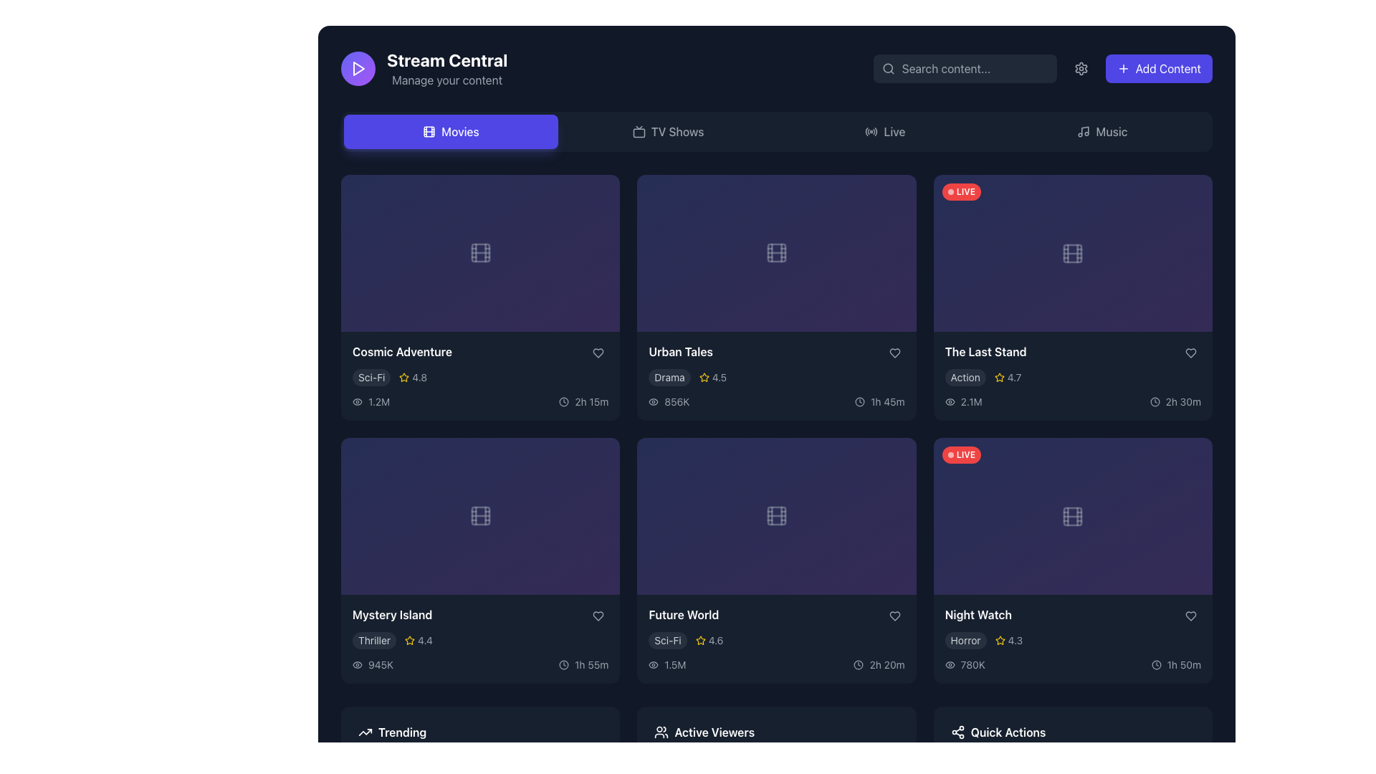 The width and height of the screenshot is (1376, 774). What do you see at coordinates (894, 353) in the screenshot?
I see `the heart-shaped 'like' icon button located in the bottom-right area of the 'Urban Tales' card` at bounding box center [894, 353].